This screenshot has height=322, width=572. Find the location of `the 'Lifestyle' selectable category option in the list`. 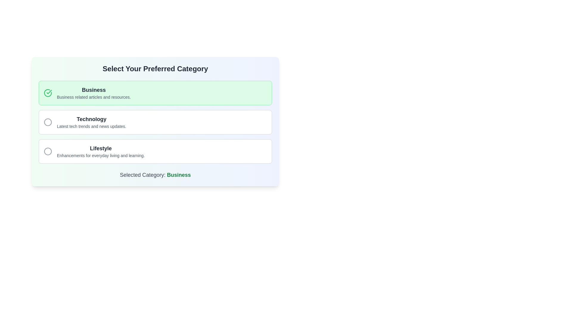

the 'Lifestyle' selectable category option in the list is located at coordinates (155, 151).